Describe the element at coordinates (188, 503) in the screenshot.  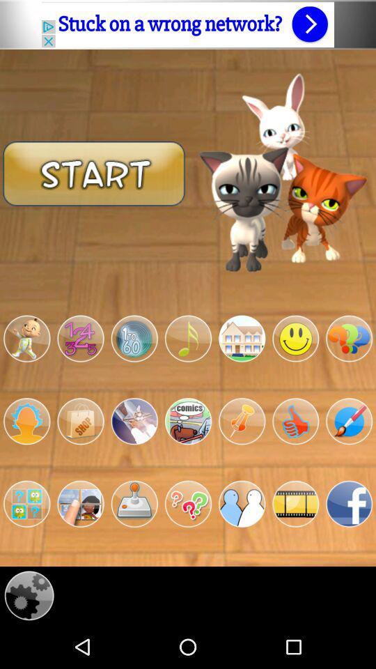
I see `open help` at that location.